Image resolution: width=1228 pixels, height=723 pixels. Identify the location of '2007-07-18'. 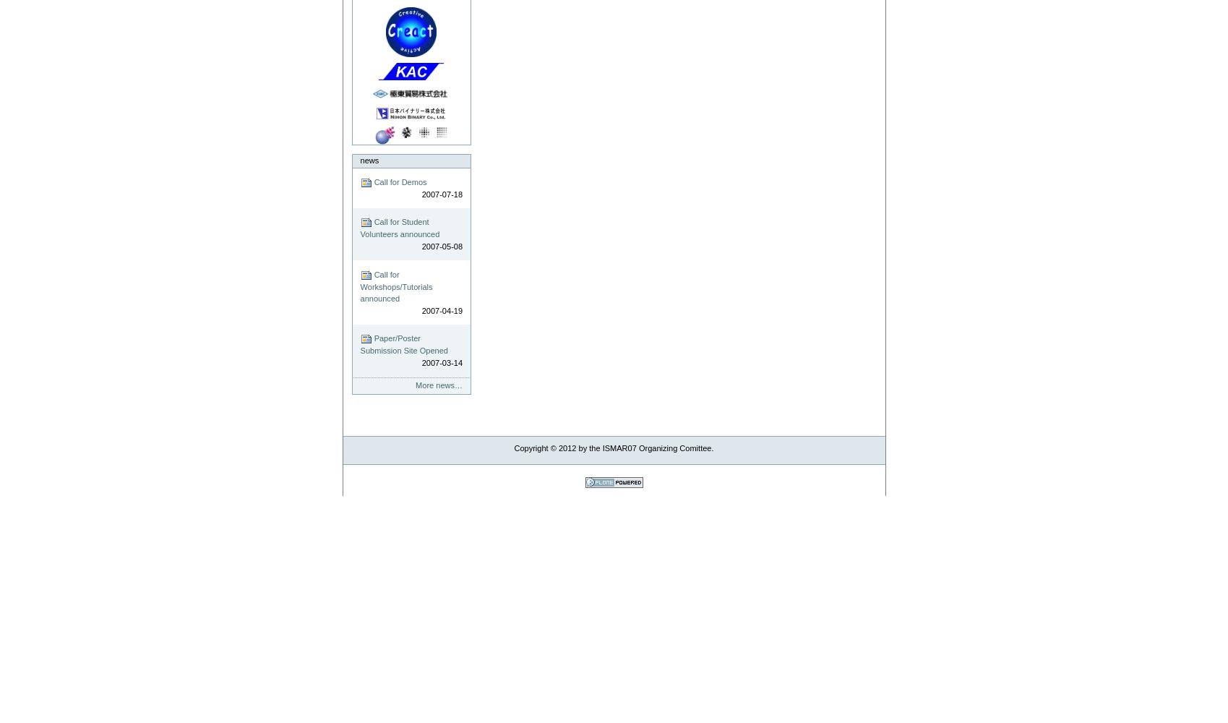
(442, 194).